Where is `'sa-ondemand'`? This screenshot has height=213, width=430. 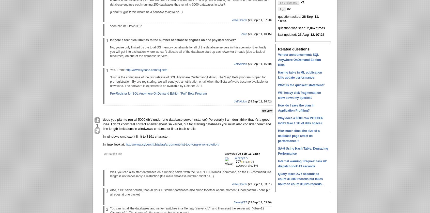
'sa-ondemand' is located at coordinates (288, 2).